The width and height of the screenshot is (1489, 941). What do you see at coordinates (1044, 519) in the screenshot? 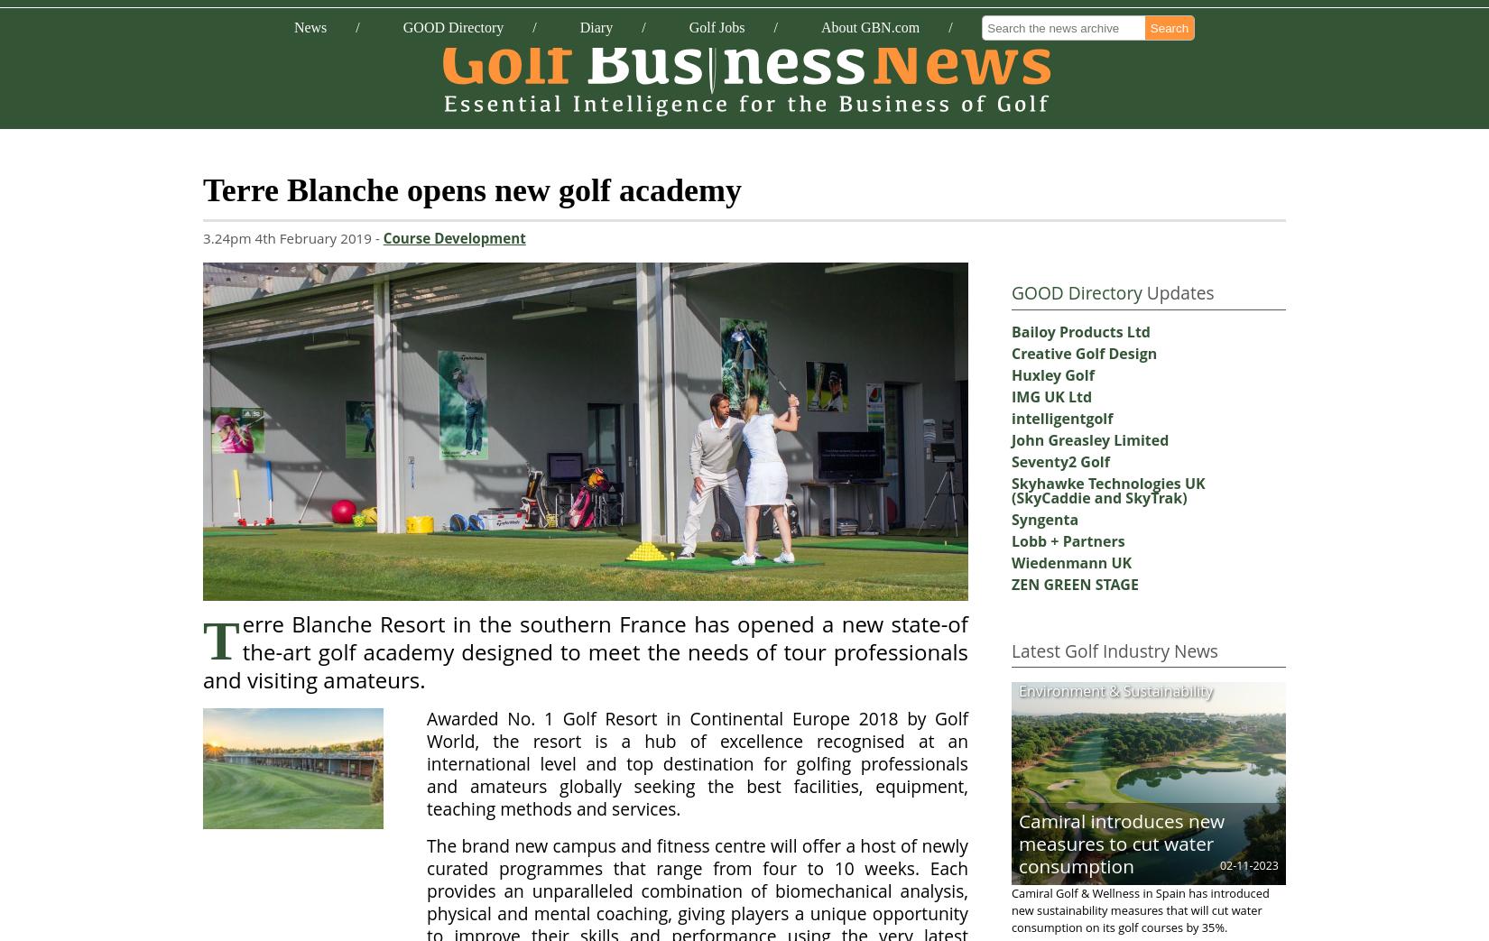
I see `'Syngenta'` at bounding box center [1044, 519].